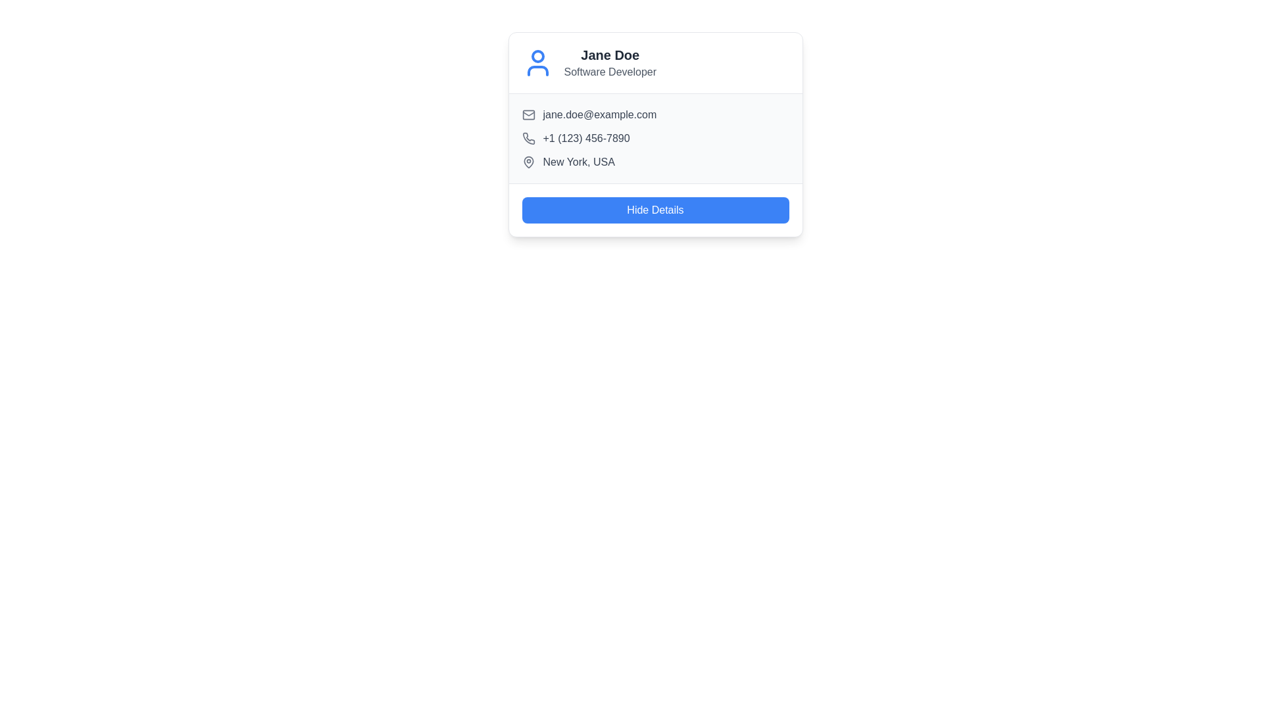 This screenshot has height=710, width=1263. What do you see at coordinates (528, 114) in the screenshot?
I see `the gray envelope-shaped icon indicating email, located to the left of the text 'jane.doe@example.com'` at bounding box center [528, 114].